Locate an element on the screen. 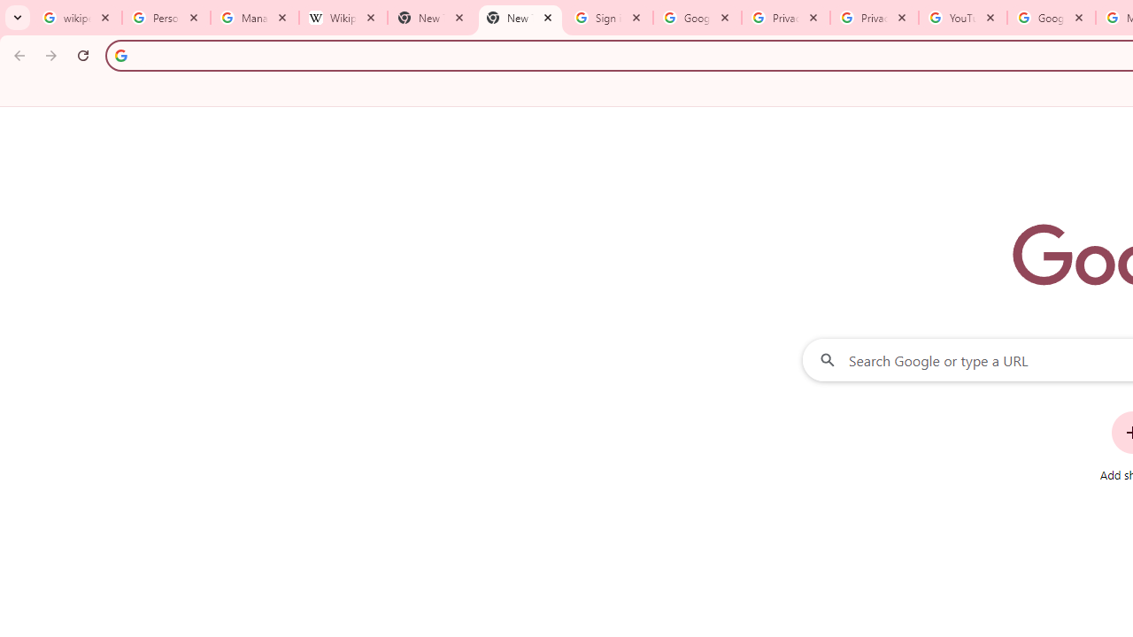 This screenshot has height=637, width=1133. 'Google Drive: Sign-in' is located at coordinates (697, 18).